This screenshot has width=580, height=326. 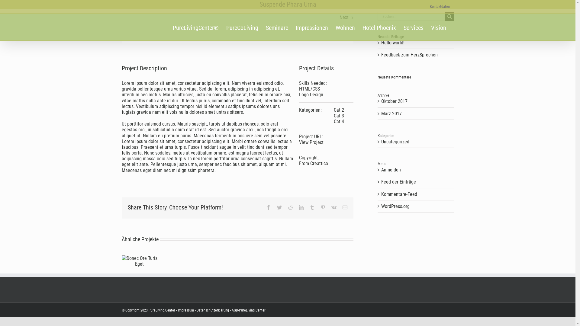 I want to click on 'Tumblr', so click(x=309, y=207).